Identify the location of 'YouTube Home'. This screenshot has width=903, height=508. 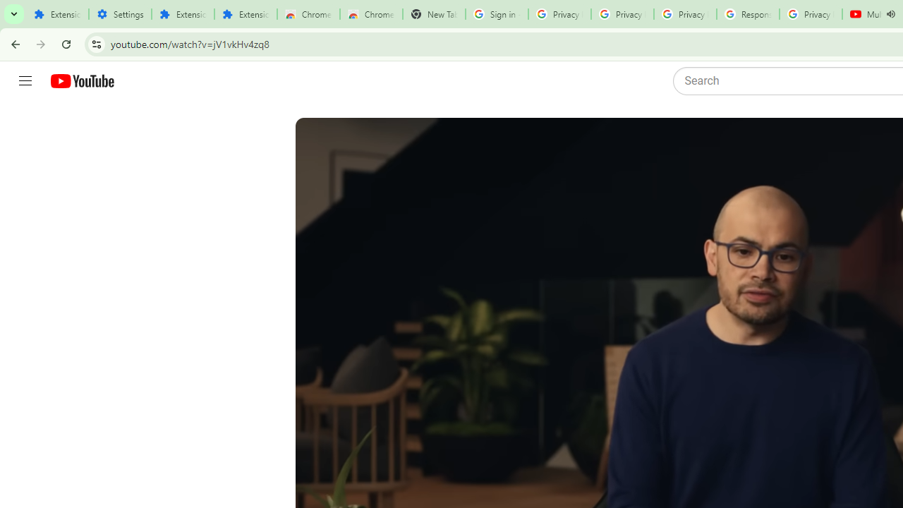
(81, 81).